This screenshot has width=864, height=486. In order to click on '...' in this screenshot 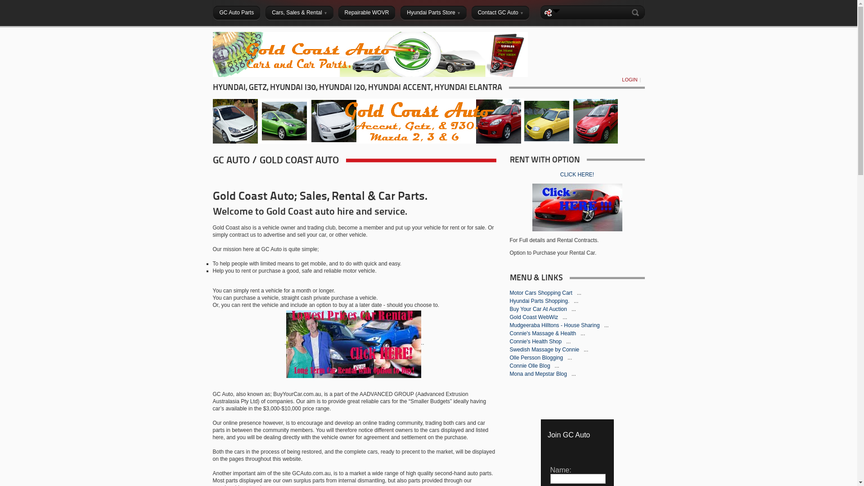, I will do `click(583, 349)`.